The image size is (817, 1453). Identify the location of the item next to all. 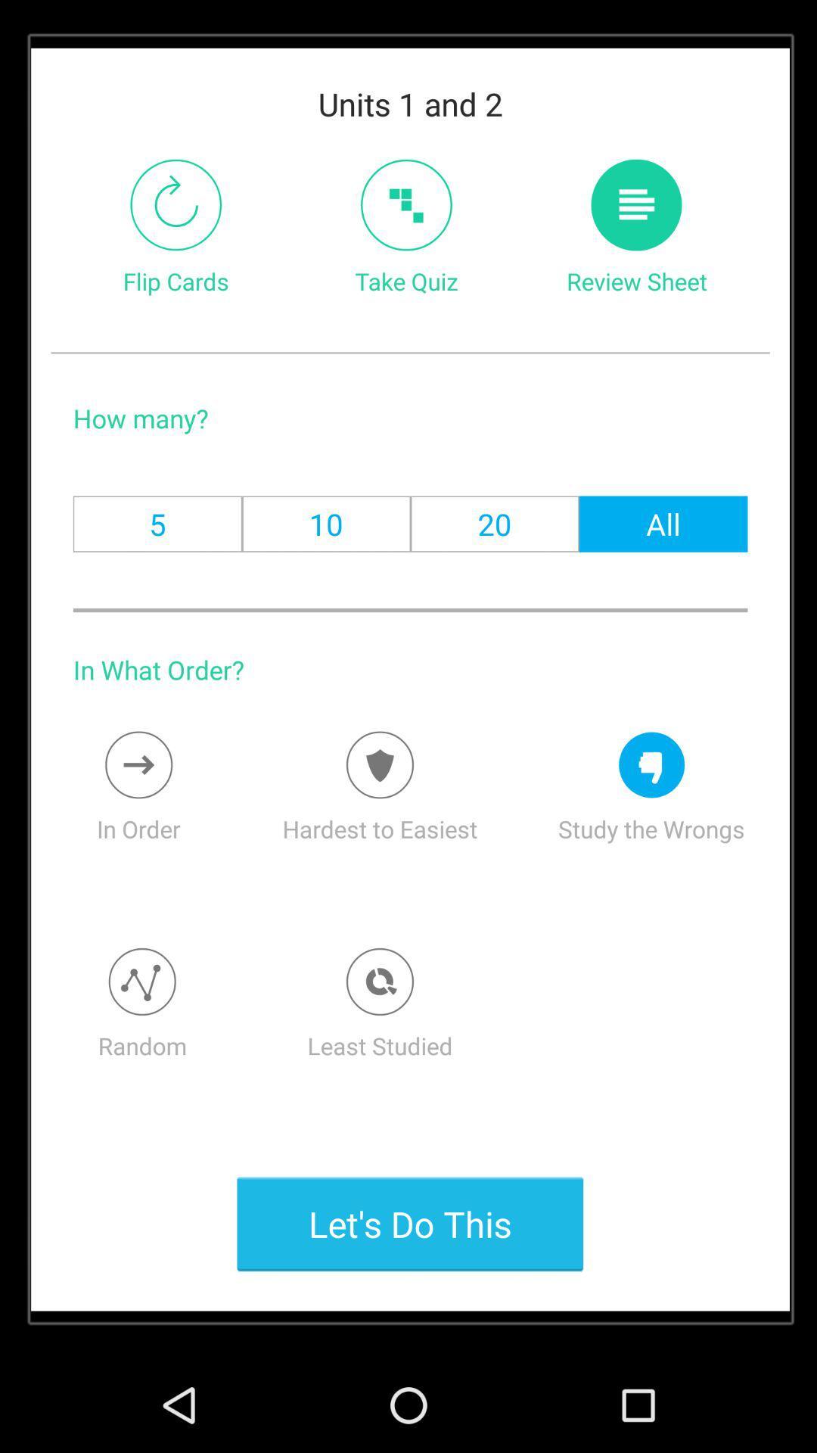
(495, 524).